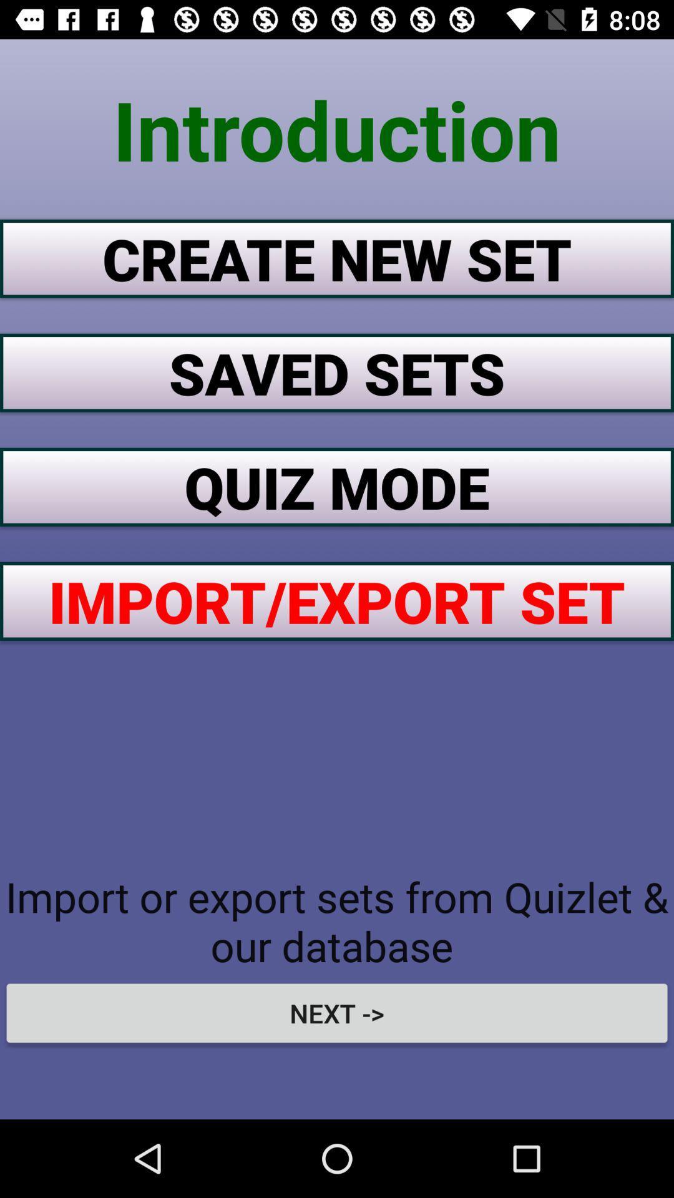 The height and width of the screenshot is (1198, 674). I want to click on button above the import/export set button, so click(337, 486).